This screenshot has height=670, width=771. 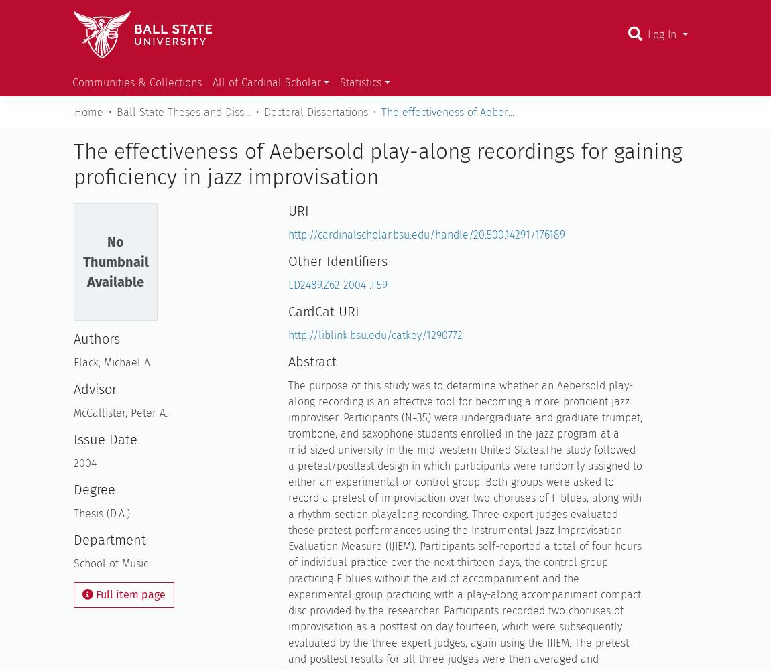 I want to click on 'Full item page', so click(x=128, y=594).